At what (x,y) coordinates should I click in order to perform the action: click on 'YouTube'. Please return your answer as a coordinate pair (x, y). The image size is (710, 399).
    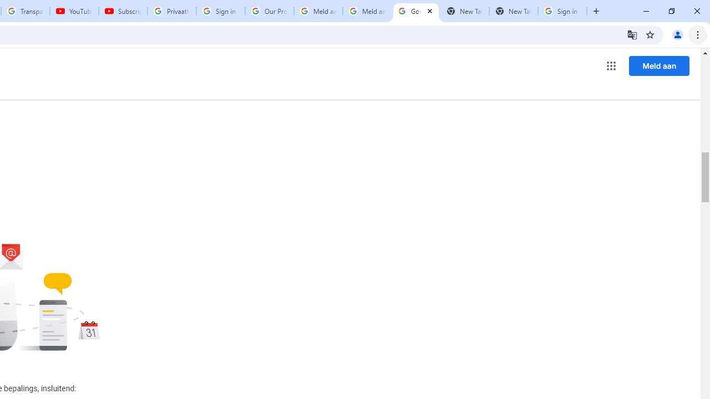
    Looking at the image, I should click on (73, 11).